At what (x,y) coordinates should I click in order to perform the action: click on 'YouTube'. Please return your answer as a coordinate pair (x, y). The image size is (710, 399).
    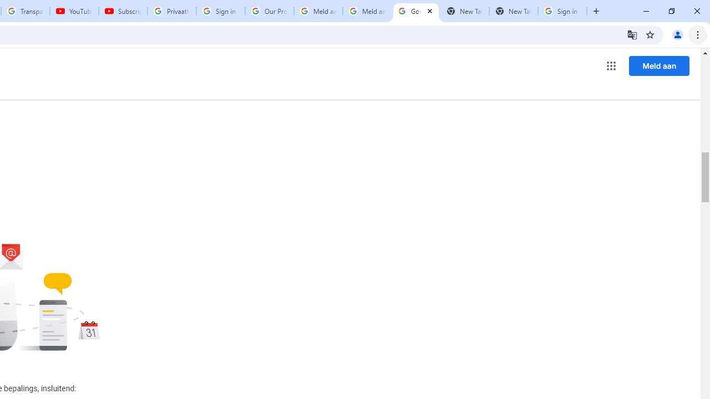
    Looking at the image, I should click on (73, 11).